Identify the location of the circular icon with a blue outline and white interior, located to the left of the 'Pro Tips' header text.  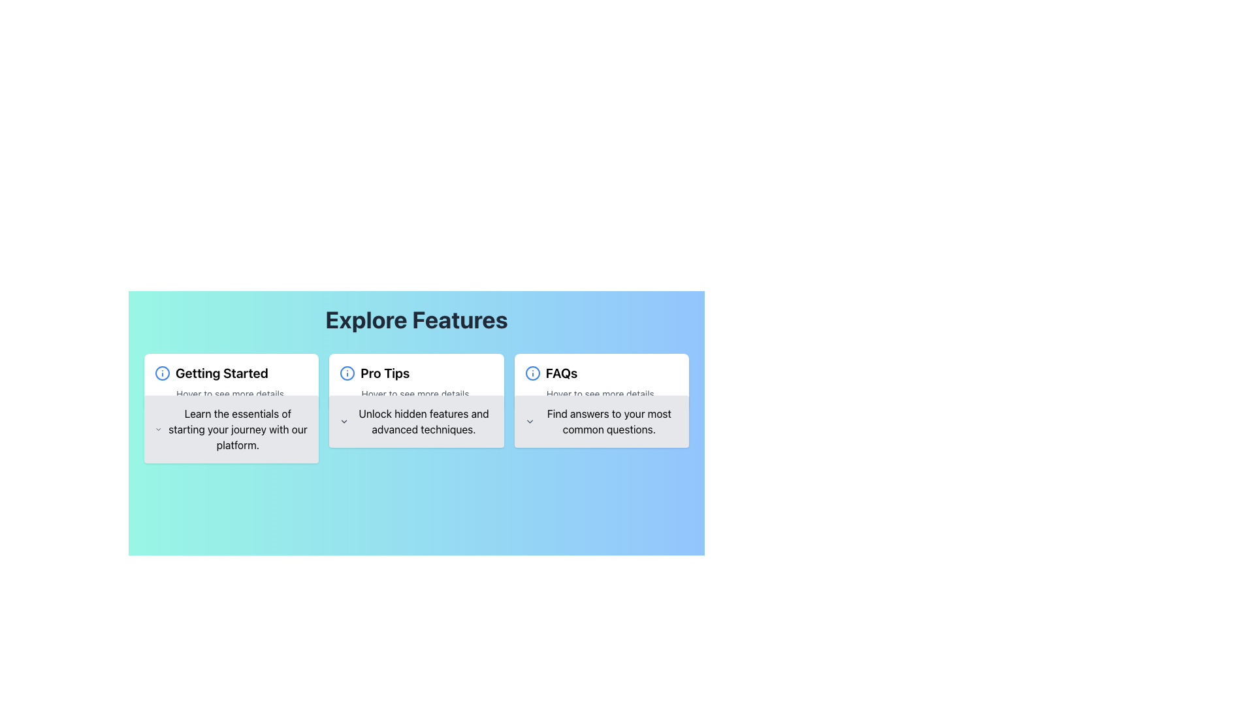
(347, 373).